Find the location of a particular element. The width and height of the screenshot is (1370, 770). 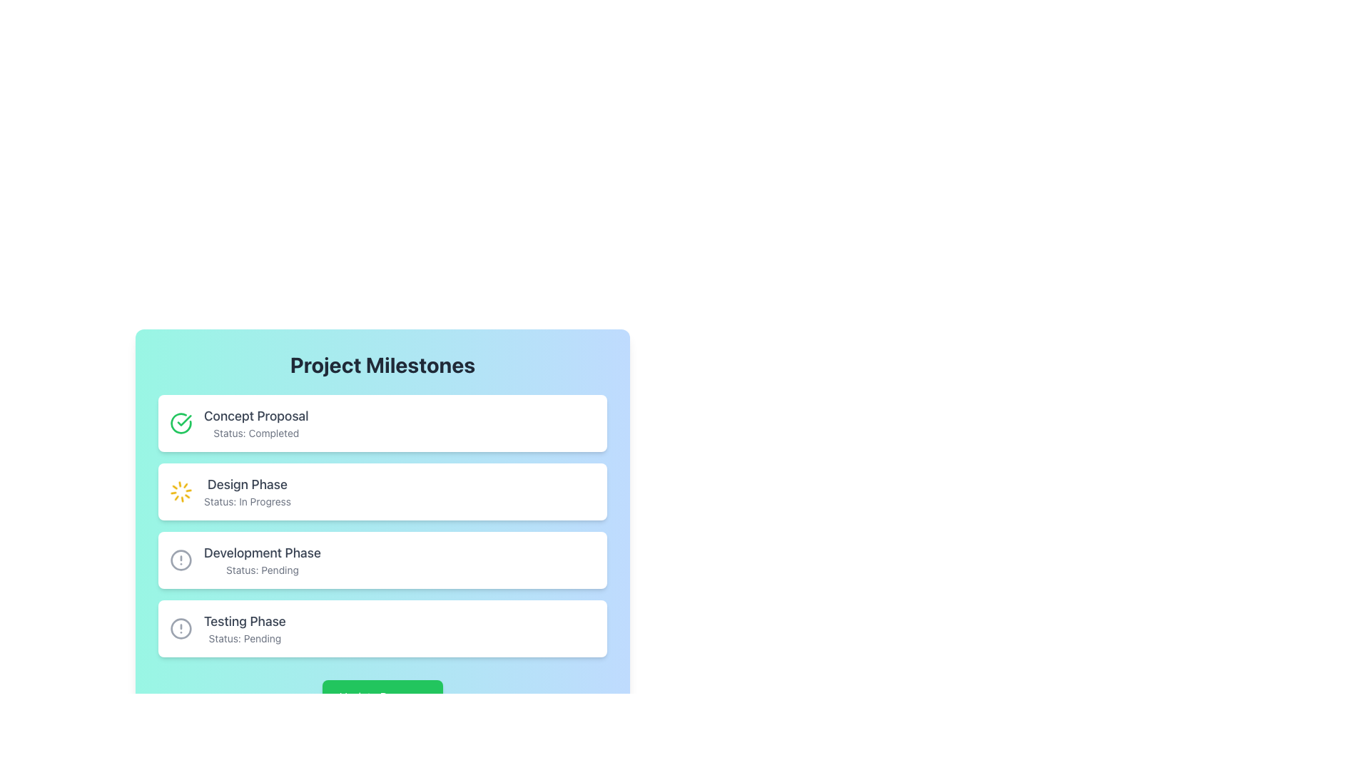

the warning icon indicating the 'Testing Phase' located in the bottom-most card of the 'Project Milestones' panel, positioned to the left of the text 'Testing Phase' is located at coordinates (181, 628).